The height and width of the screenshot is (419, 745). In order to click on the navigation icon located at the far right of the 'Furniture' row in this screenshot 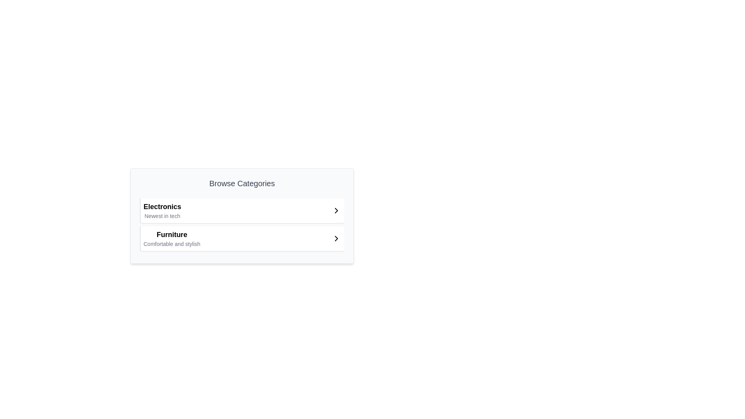, I will do `click(336, 238)`.